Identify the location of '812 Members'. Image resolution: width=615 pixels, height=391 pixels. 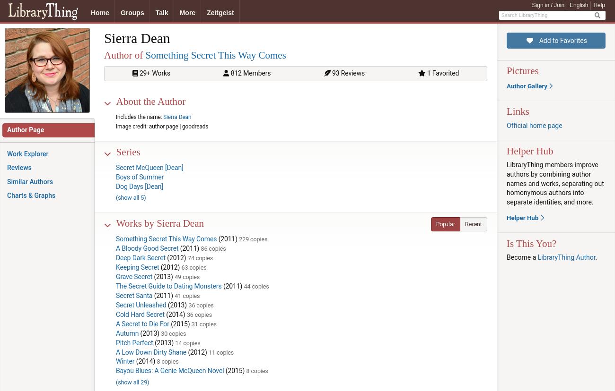
(228, 73).